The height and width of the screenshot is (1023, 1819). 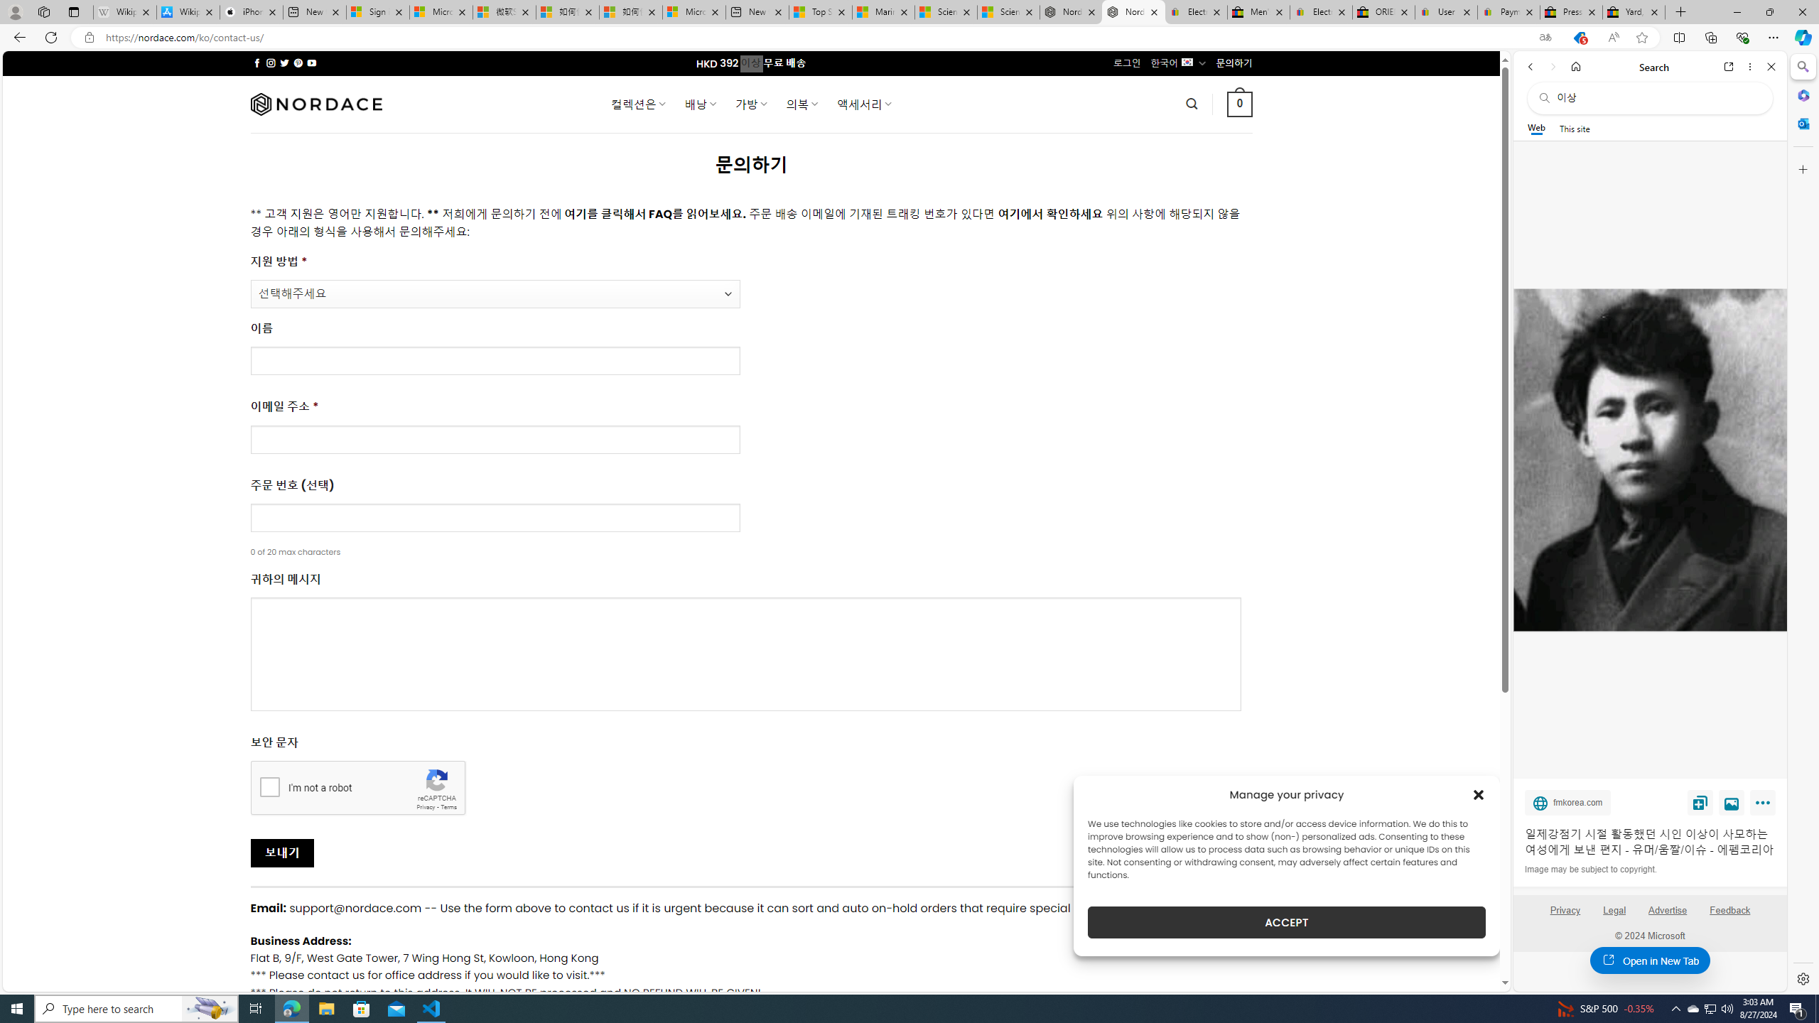 What do you see at coordinates (1651, 960) in the screenshot?
I see `'Open in New Tab'` at bounding box center [1651, 960].